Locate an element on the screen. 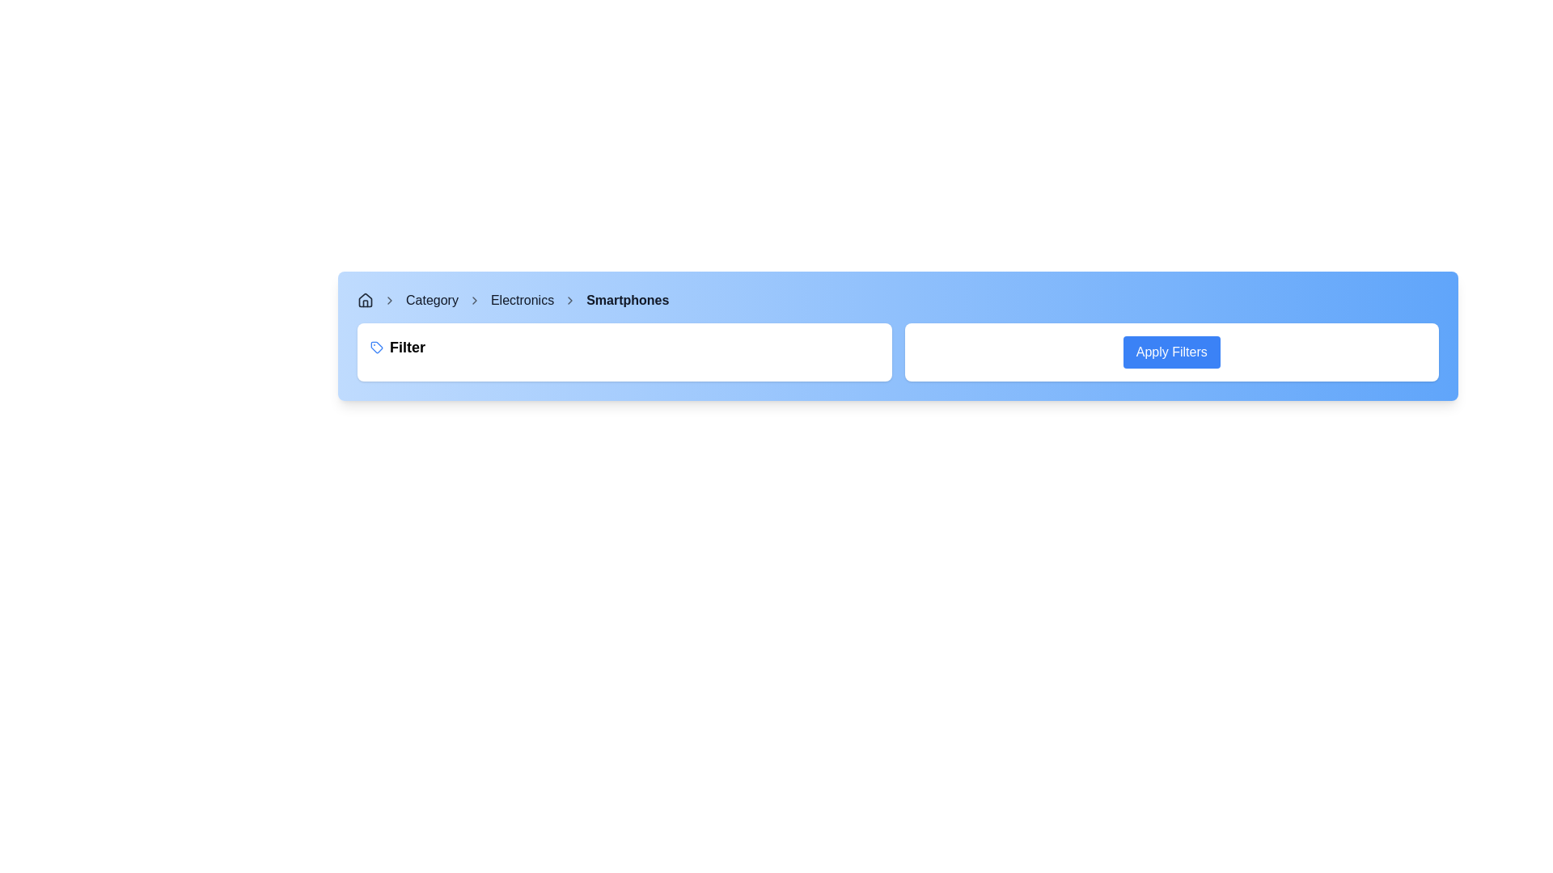 This screenshot has width=1553, height=873. the 'Smartphones' text label in the breadcrumb navigation bar, which is styled in bold dark gray and follows the 'Electronics' breadcrumb is located at coordinates (627, 300).